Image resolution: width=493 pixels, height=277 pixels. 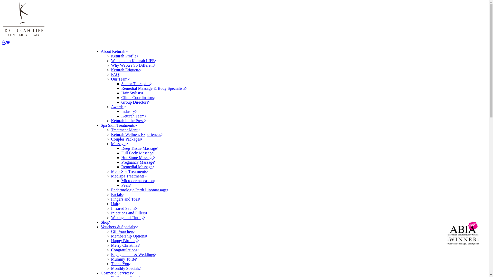 What do you see at coordinates (117, 194) in the screenshot?
I see `'Facials'` at bounding box center [117, 194].